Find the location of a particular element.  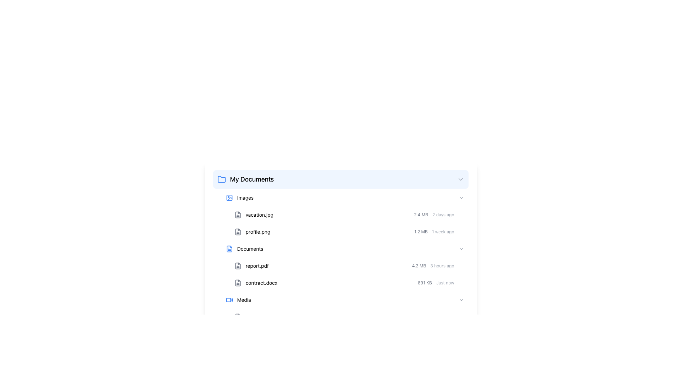

the file entry row displaying metadata for 'vacation.jpg', which is the first entry under the 'Images' category is located at coordinates (349, 214).